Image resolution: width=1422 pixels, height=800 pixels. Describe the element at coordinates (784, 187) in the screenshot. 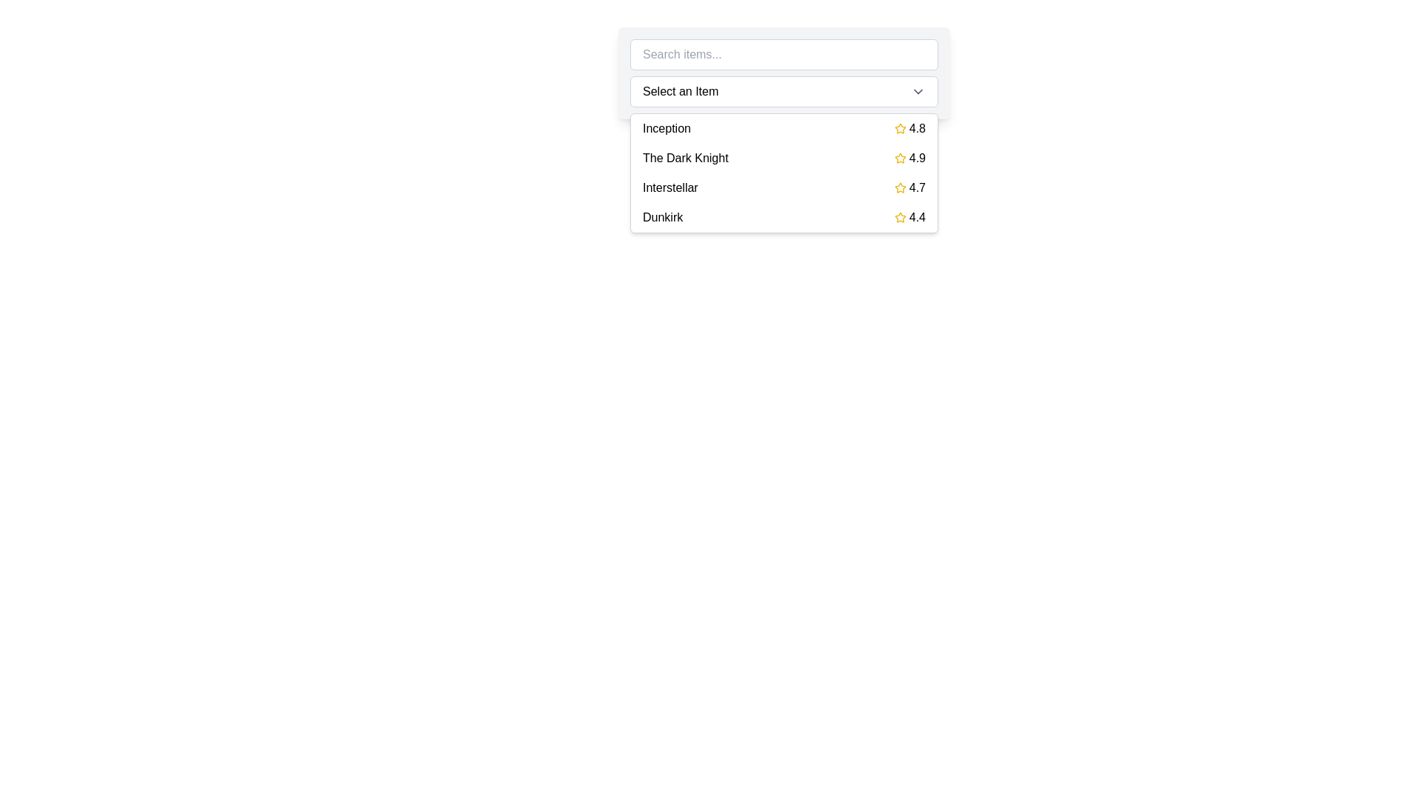

I see `the list item labeled 'Interstellar' with a rating of '4.7' in the dropdown menu` at that location.